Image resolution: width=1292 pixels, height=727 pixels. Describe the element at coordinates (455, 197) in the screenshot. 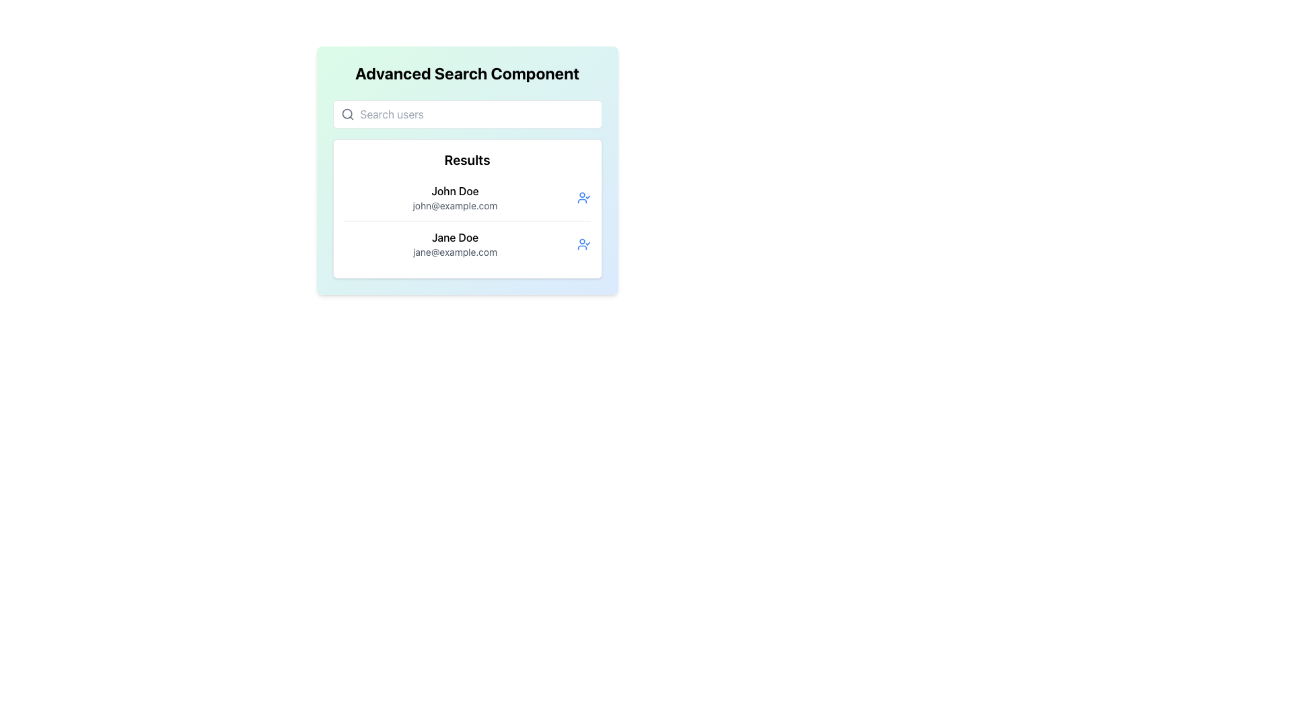

I see `the center of the Text block element displaying 'John Doe' and 'john@example.com'` at that location.